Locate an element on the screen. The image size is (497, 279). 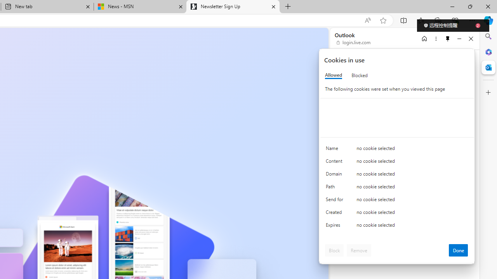
'Created' is located at coordinates (336, 214).